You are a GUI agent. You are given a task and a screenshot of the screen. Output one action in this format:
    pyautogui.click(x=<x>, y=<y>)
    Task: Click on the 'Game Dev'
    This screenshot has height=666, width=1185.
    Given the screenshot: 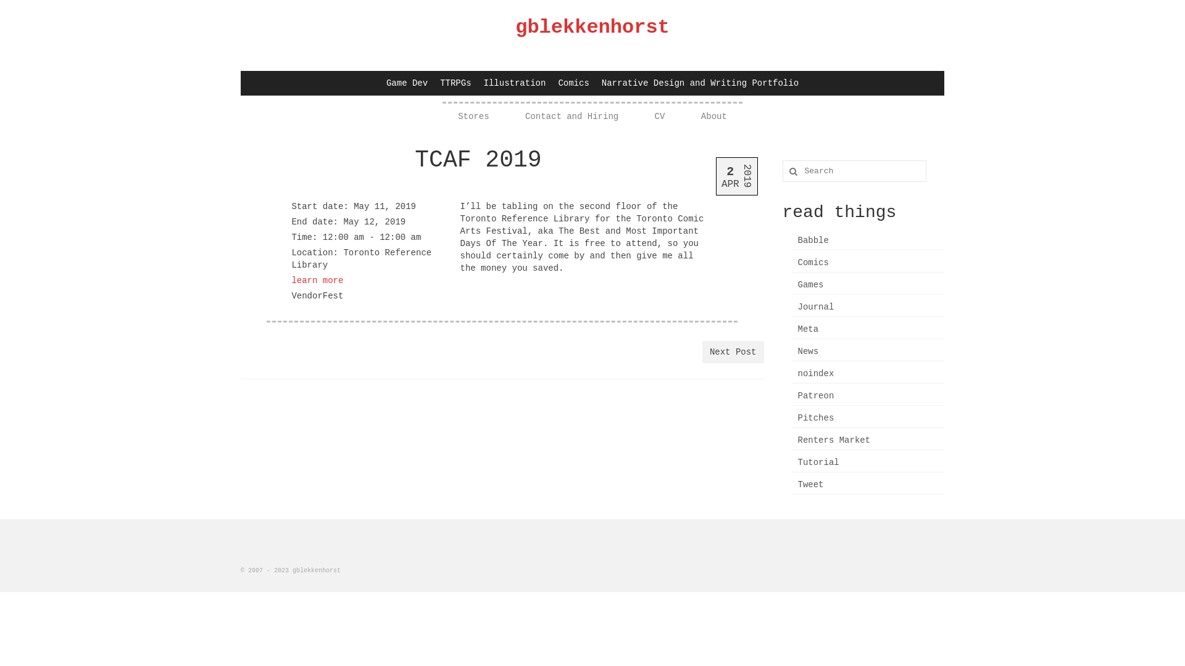 What is the action you would take?
    pyautogui.click(x=407, y=83)
    